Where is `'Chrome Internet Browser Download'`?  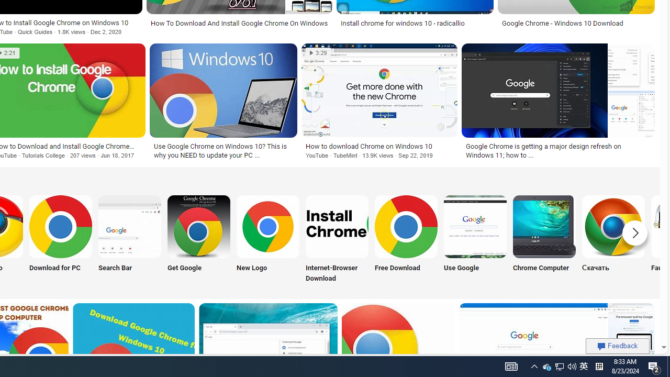 'Chrome Internet Browser Download' is located at coordinates (337, 226).